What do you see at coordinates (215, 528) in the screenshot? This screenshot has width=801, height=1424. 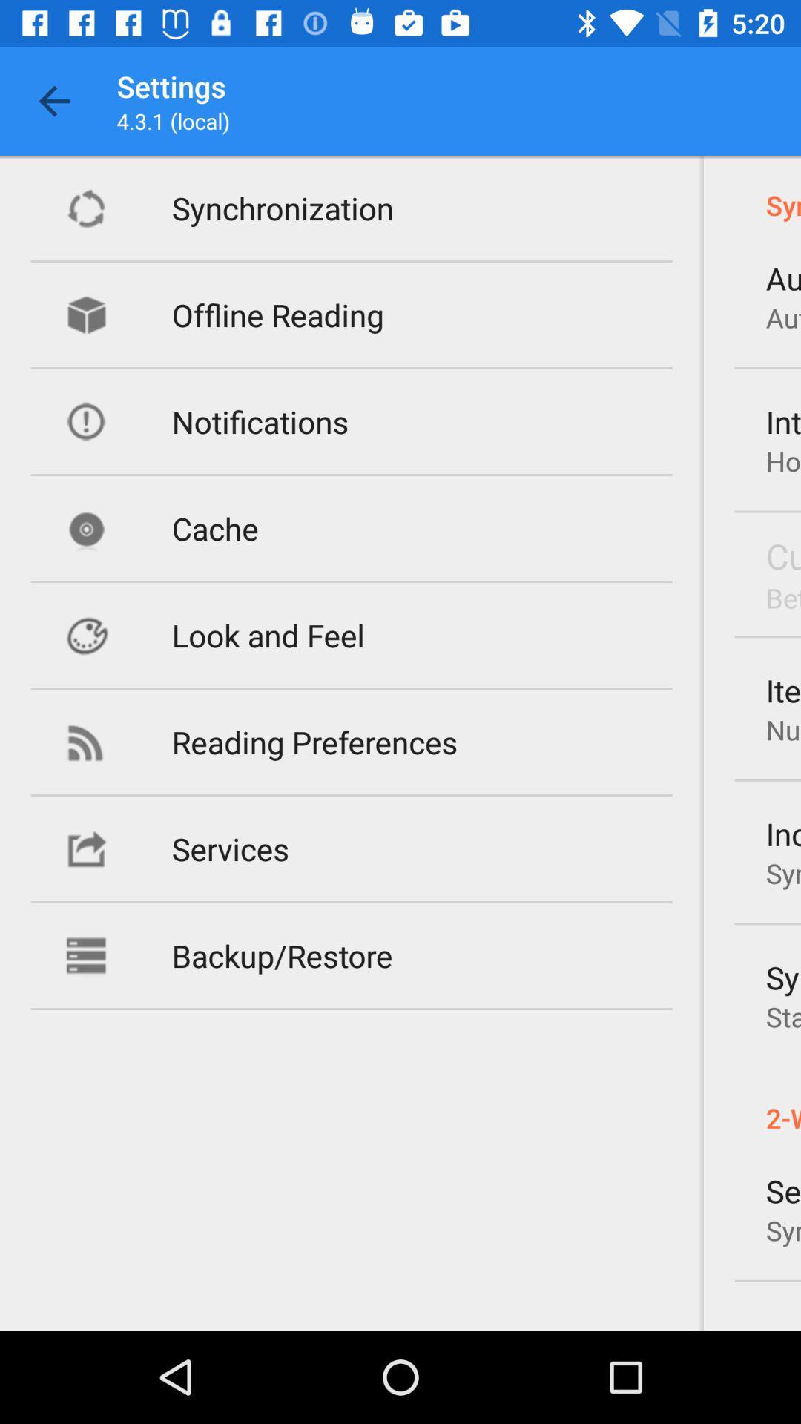 I see `the icon above the look and feel item` at bounding box center [215, 528].